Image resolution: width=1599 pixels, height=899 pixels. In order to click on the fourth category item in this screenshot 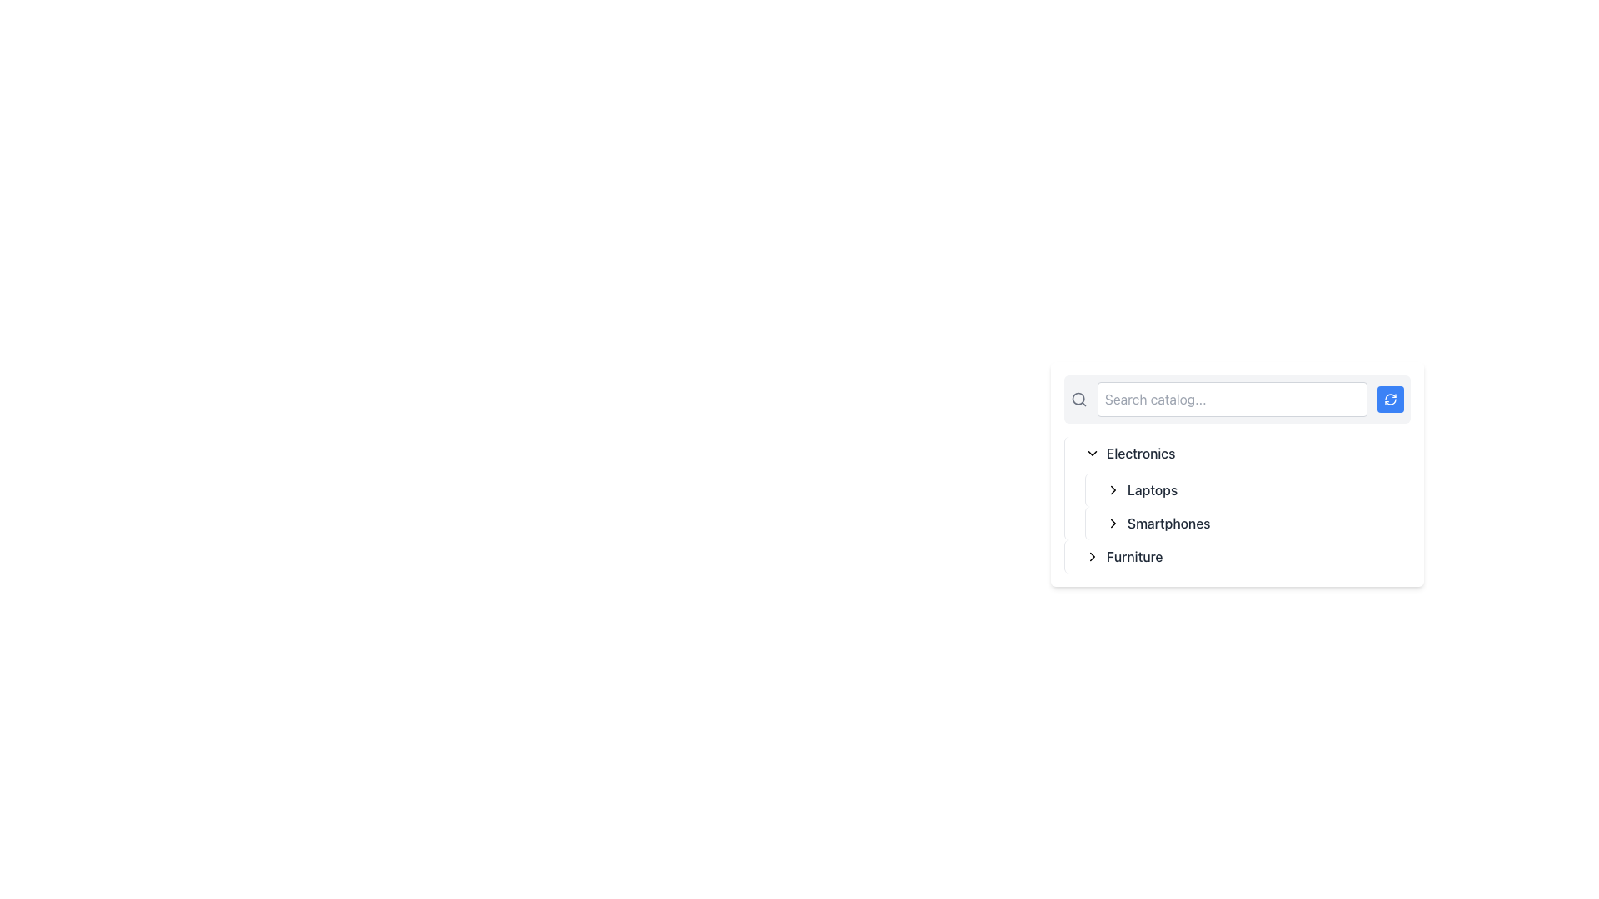, I will do `click(1238, 556)`.